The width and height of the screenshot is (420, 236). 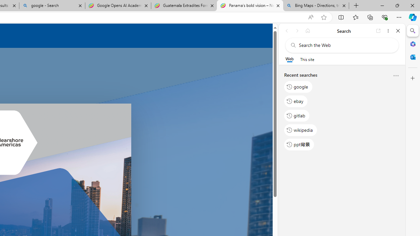 What do you see at coordinates (296, 101) in the screenshot?
I see `'ebay'` at bounding box center [296, 101].